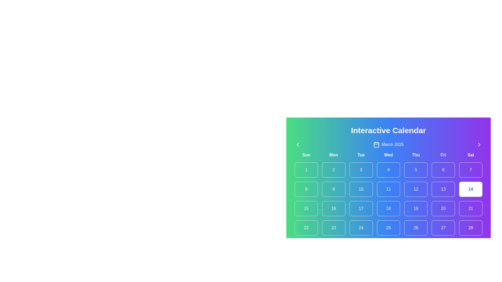 This screenshot has width=502, height=282. Describe the element at coordinates (306, 189) in the screenshot. I see `the Calendar Date Tile displaying the number '8' in the second row under the 'Sun' column` at that location.